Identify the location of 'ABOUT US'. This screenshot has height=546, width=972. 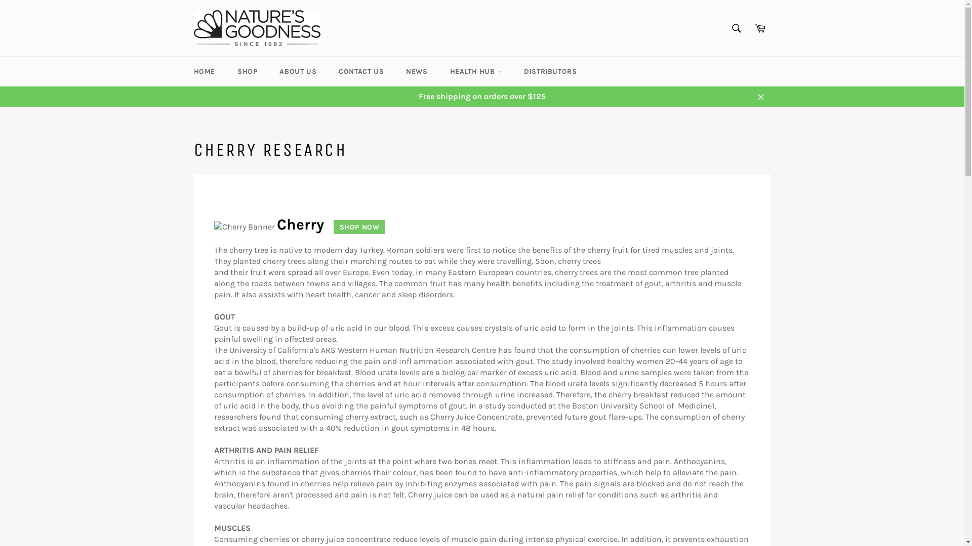
(297, 71).